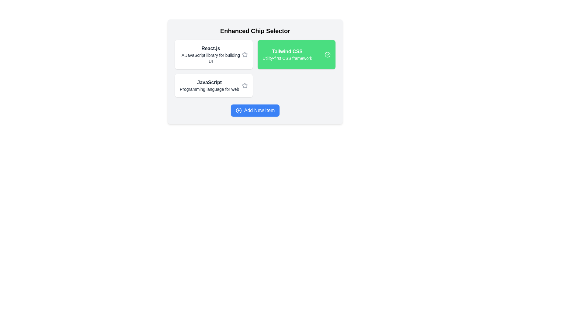 The width and height of the screenshot is (584, 328). I want to click on the circular checkmark icon with a green background located at the top-right of the 'Tailwind CSS Utility-first CSS framework' button, so click(327, 55).